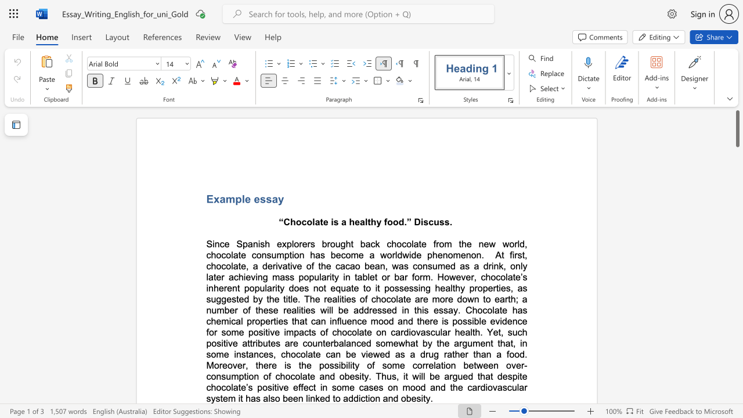 This screenshot has width=743, height=418. I want to click on the scrollbar to scroll downward, so click(737, 313).